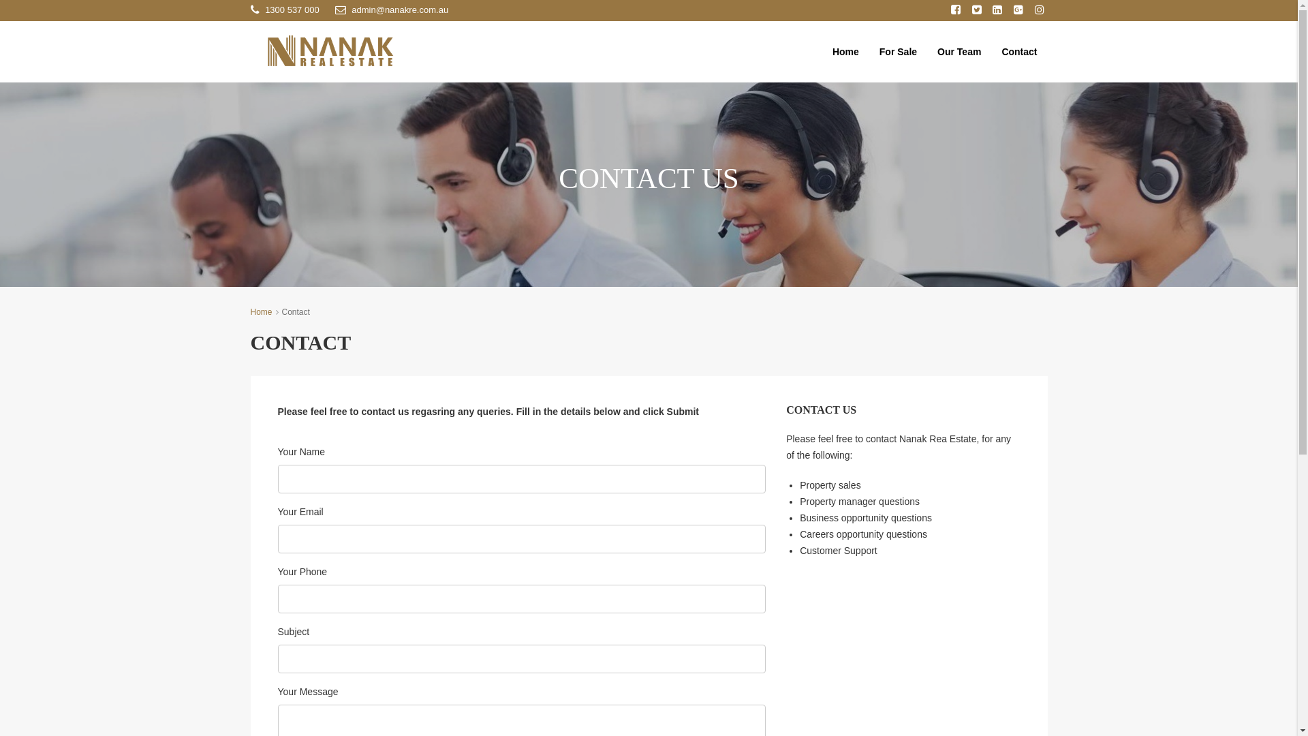 Image resolution: width=1308 pixels, height=736 pixels. What do you see at coordinates (958, 51) in the screenshot?
I see `'Our Team'` at bounding box center [958, 51].